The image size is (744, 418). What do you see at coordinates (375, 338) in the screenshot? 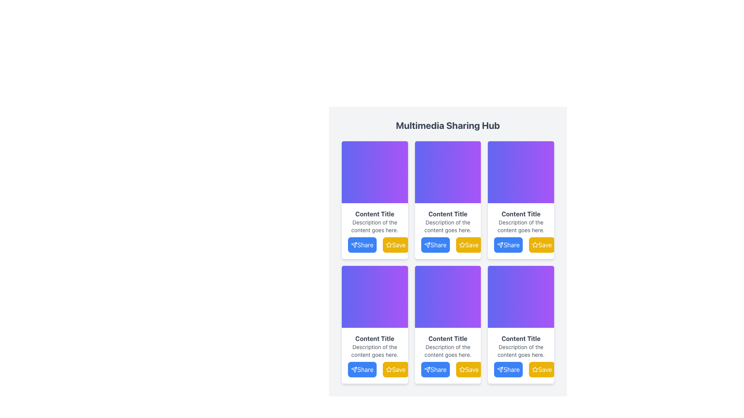
I see `the 'Content Title' text label` at bounding box center [375, 338].